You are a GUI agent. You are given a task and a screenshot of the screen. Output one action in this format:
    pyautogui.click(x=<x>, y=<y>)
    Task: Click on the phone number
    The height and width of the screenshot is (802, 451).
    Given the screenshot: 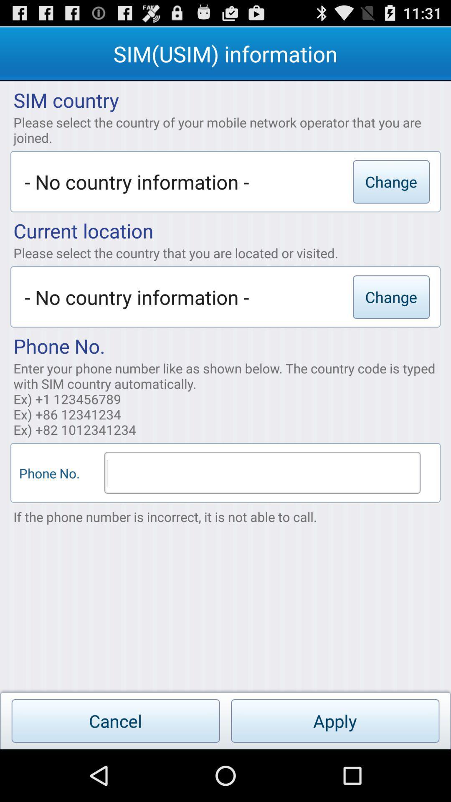 What is the action you would take?
    pyautogui.click(x=262, y=473)
    